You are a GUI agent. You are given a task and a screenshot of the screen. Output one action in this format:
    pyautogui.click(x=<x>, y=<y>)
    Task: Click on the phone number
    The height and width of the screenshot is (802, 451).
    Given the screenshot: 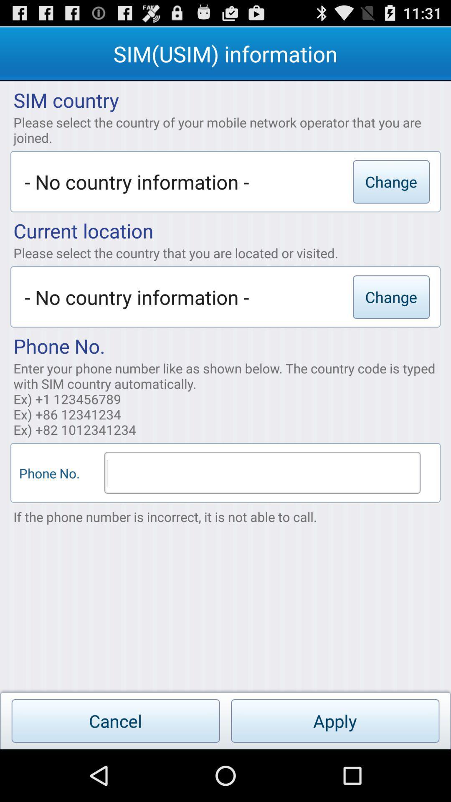 What is the action you would take?
    pyautogui.click(x=262, y=473)
    